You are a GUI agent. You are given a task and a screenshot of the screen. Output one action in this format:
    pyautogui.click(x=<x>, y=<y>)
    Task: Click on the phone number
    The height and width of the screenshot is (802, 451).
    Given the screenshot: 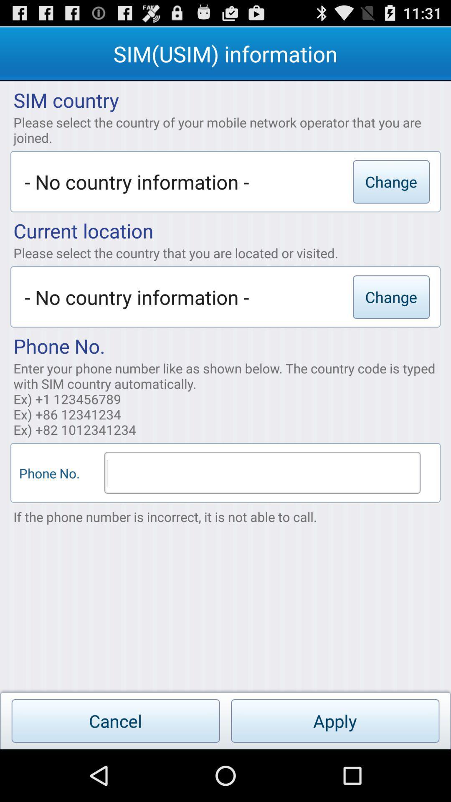 What is the action you would take?
    pyautogui.click(x=262, y=473)
    